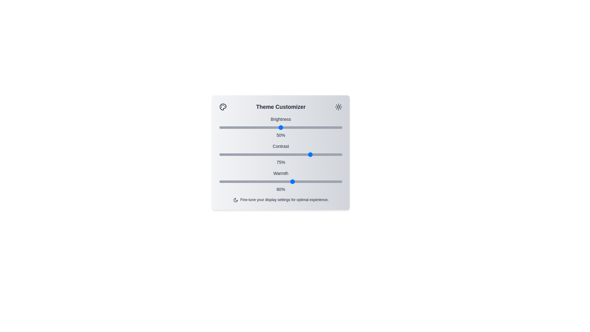 This screenshot has height=332, width=590. Describe the element at coordinates (280, 106) in the screenshot. I see `the text 'Theme Customizer' to highlight it` at that location.